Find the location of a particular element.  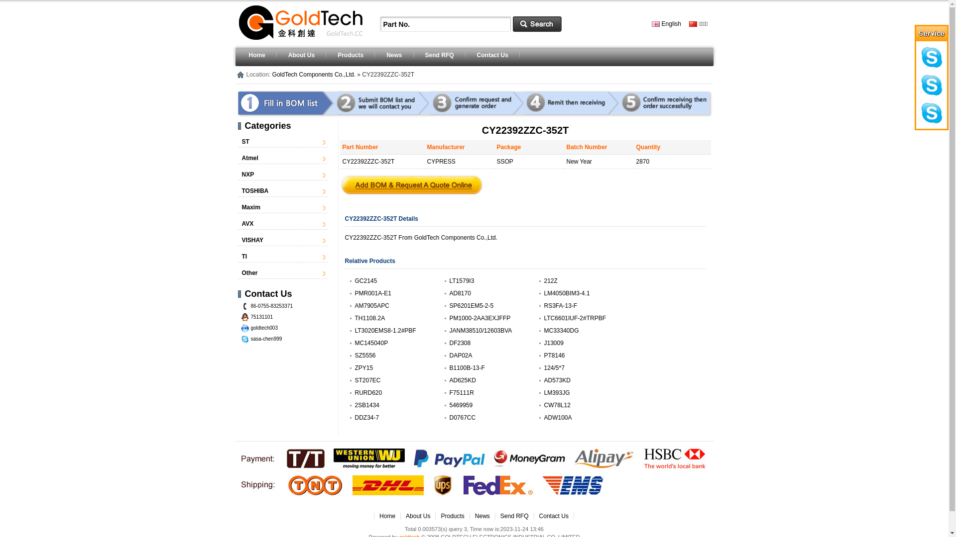

'AD573KD' is located at coordinates (543, 380).